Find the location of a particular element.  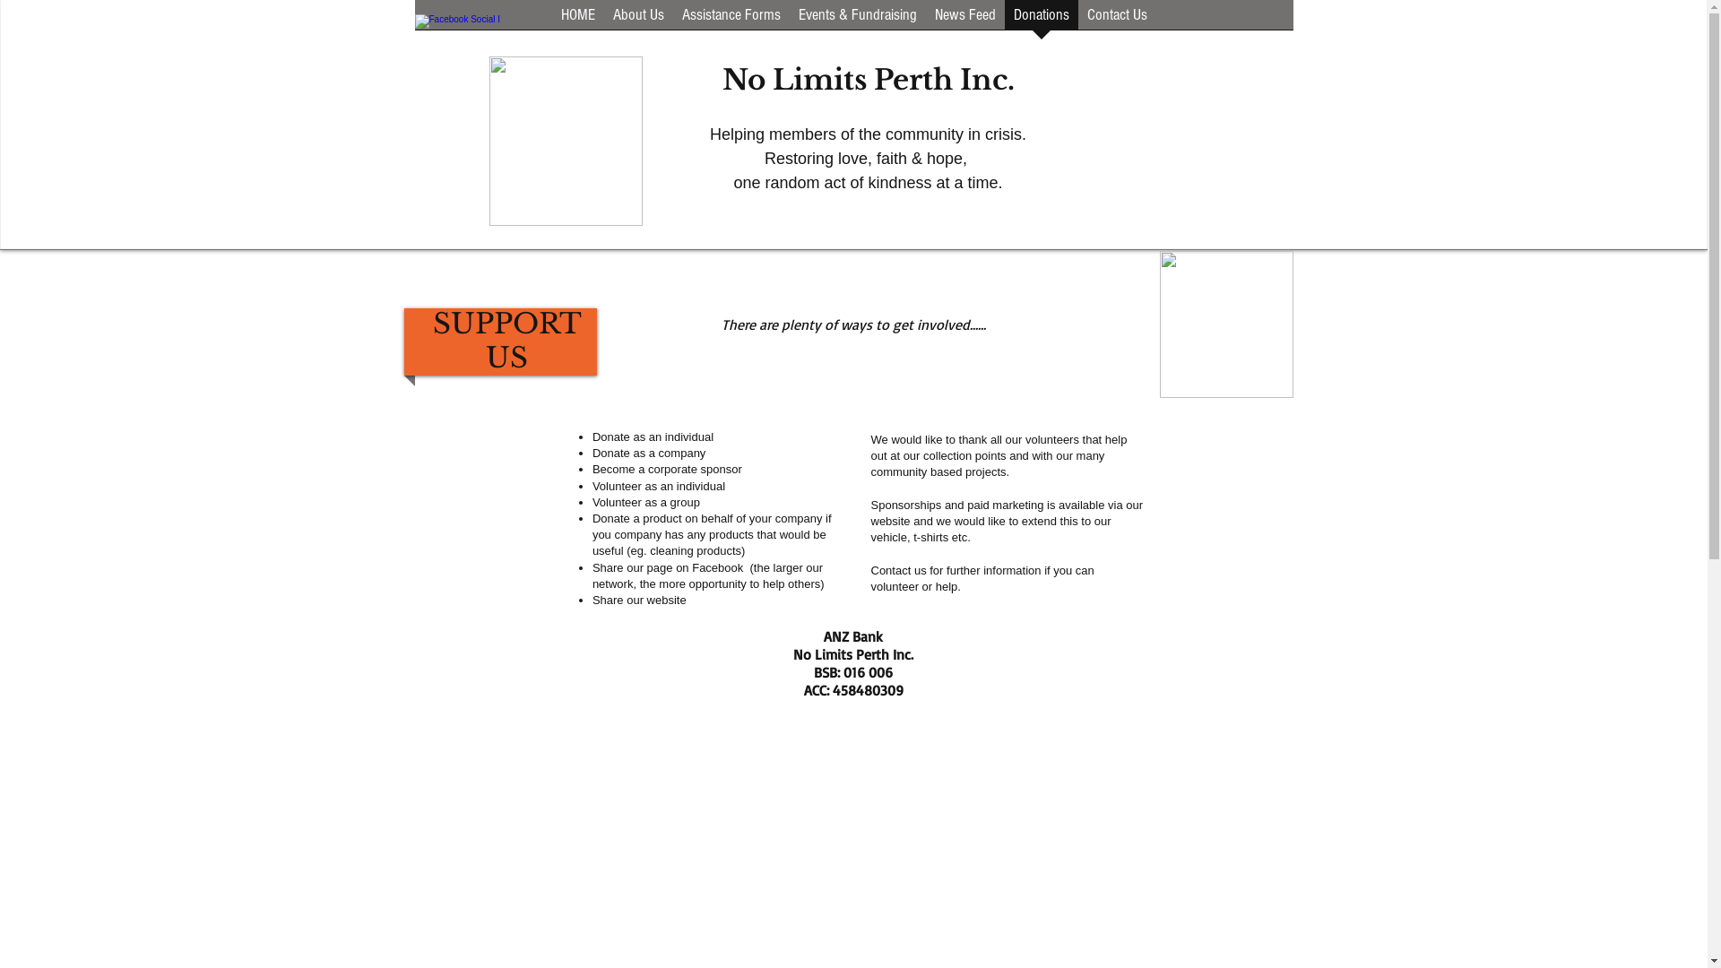

'Contact Us' is located at coordinates (1115, 21).